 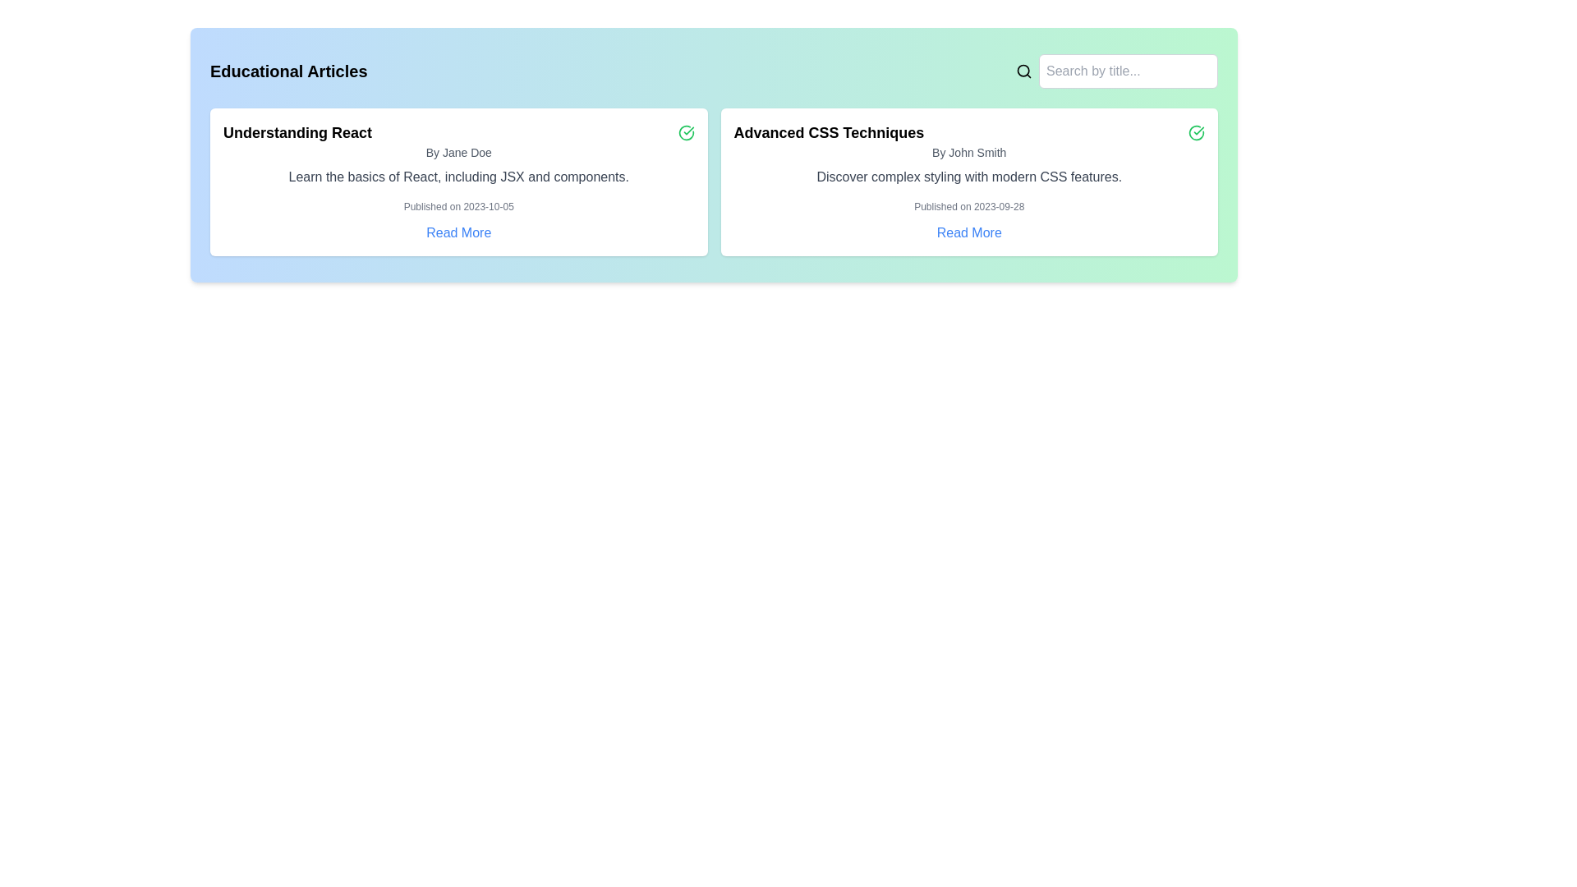 I want to click on text label that contains 'By John Smith', which is styled in gray and located below the title 'Advanced CSS Techniques' within the article card, so click(x=969, y=152).